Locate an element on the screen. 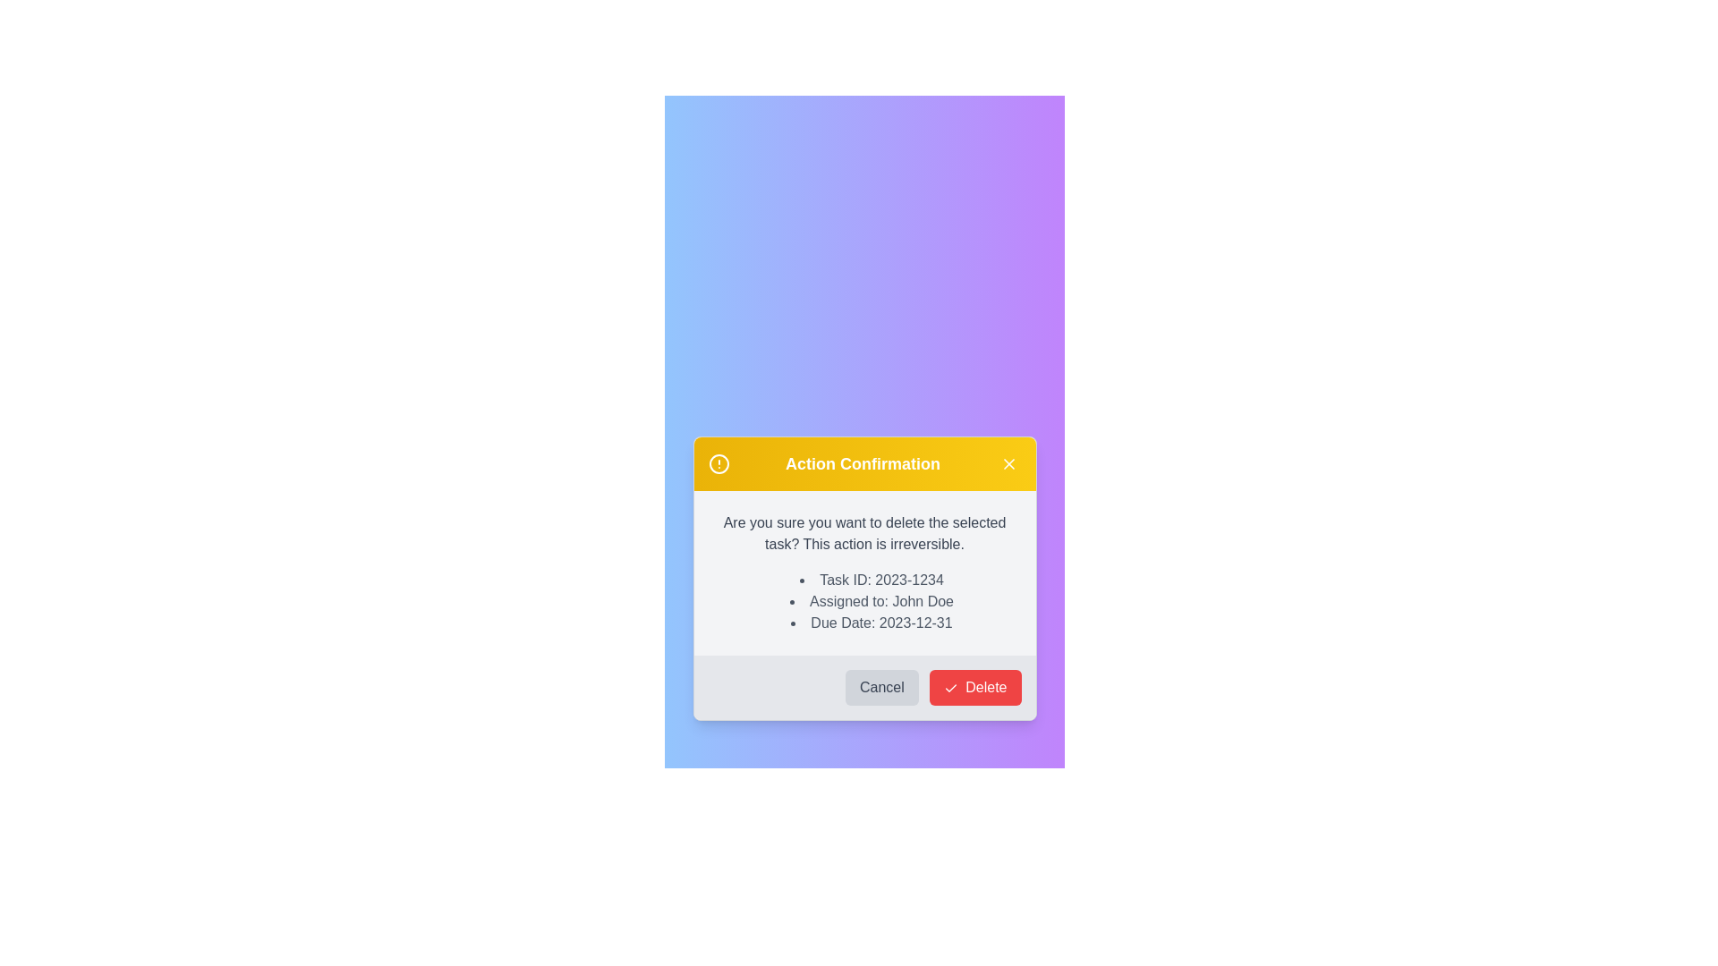 The height and width of the screenshot is (966, 1718). the yellow circular element that is part of the alert icon in the 'Action Confirmation' dialog box is located at coordinates (719, 463).